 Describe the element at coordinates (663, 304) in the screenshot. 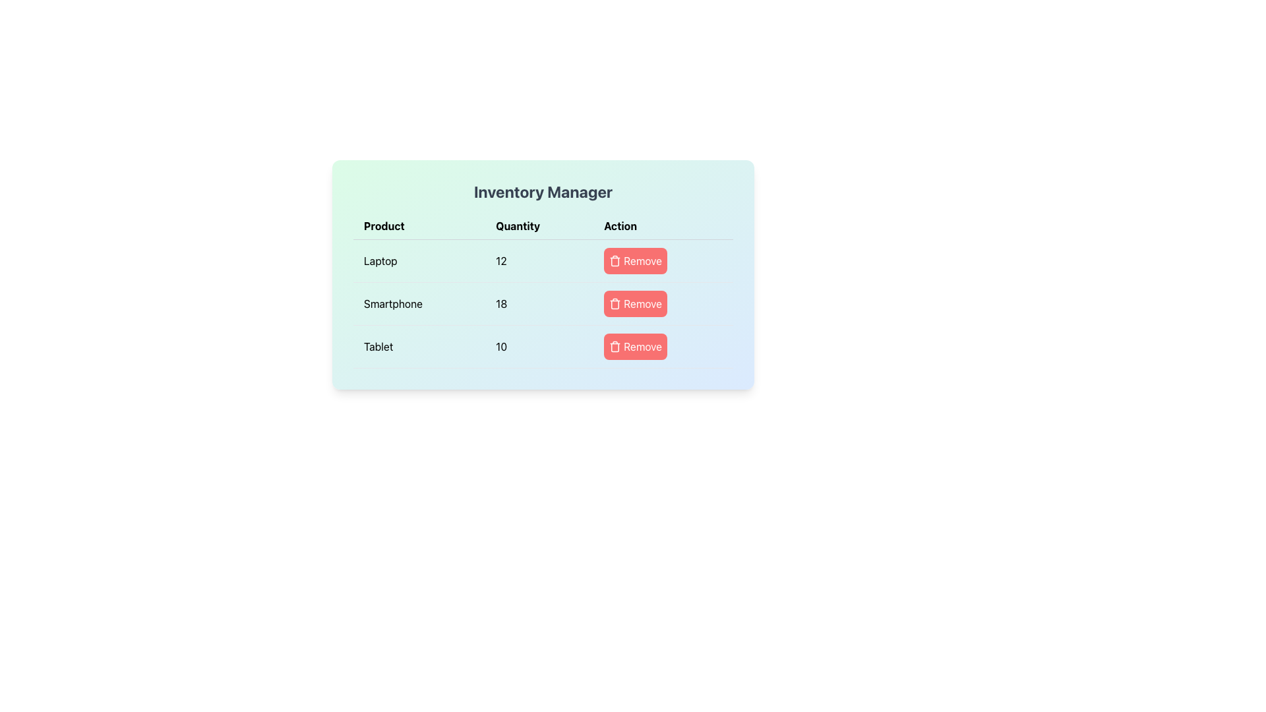

I see `the 'Remove' button with a red background and white text, located in the 'Action' column next to the 'Smartphone' row` at that location.